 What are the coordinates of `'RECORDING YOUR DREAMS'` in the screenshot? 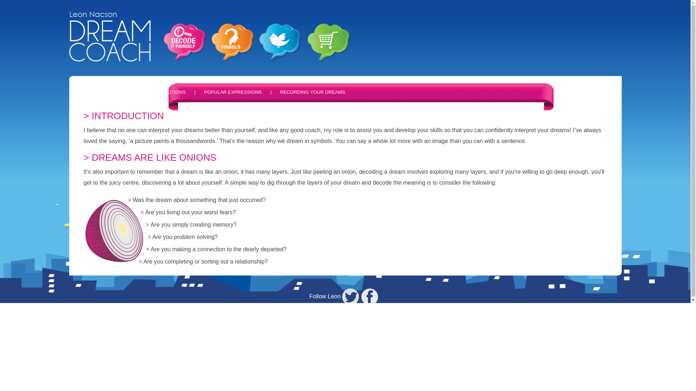 It's located at (279, 92).